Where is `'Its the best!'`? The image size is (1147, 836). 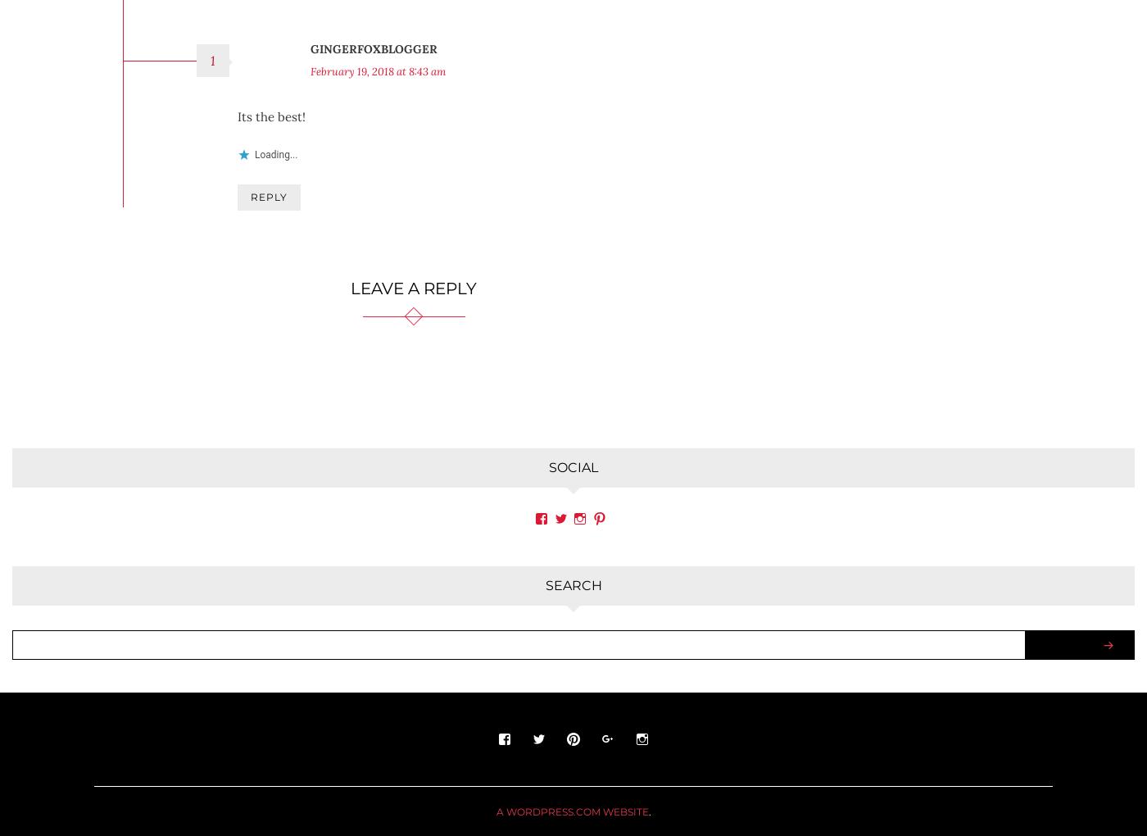
'Its the best!' is located at coordinates (271, 102).